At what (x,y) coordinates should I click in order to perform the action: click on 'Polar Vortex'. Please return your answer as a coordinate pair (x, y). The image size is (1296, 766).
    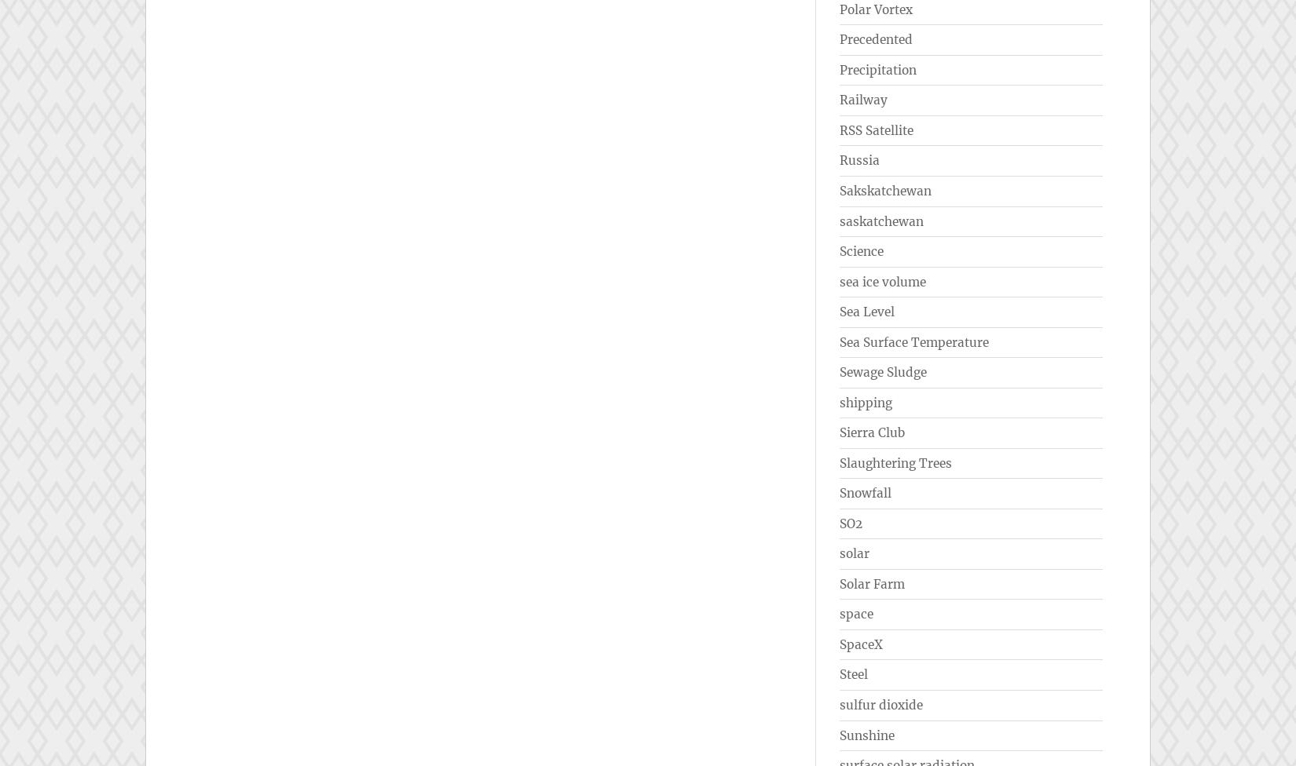
    Looking at the image, I should click on (840, 9).